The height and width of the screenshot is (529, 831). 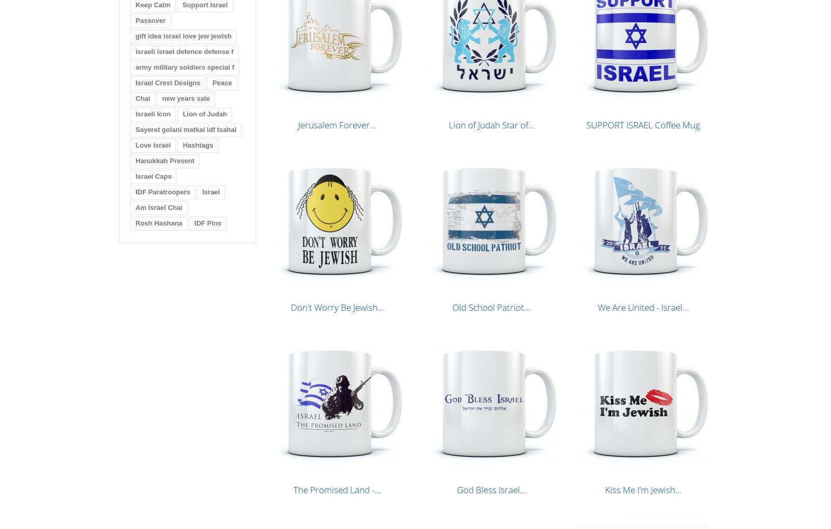 What do you see at coordinates (642, 489) in the screenshot?
I see `'Kiss Me I'm Jewish...'` at bounding box center [642, 489].